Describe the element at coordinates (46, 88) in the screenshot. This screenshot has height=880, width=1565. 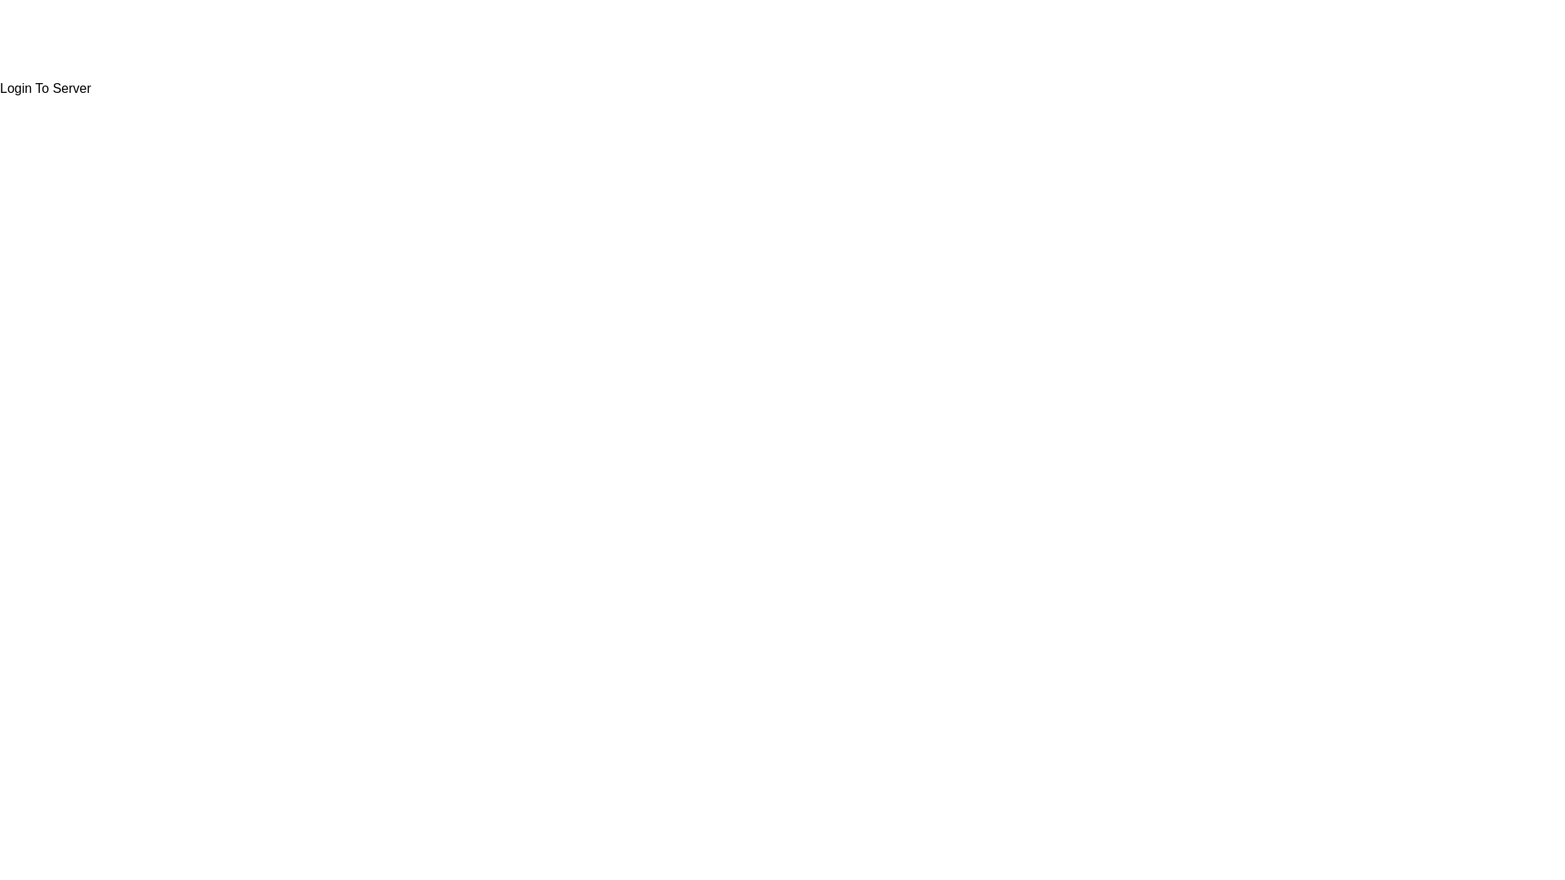
I see `'Login To Server'` at that location.